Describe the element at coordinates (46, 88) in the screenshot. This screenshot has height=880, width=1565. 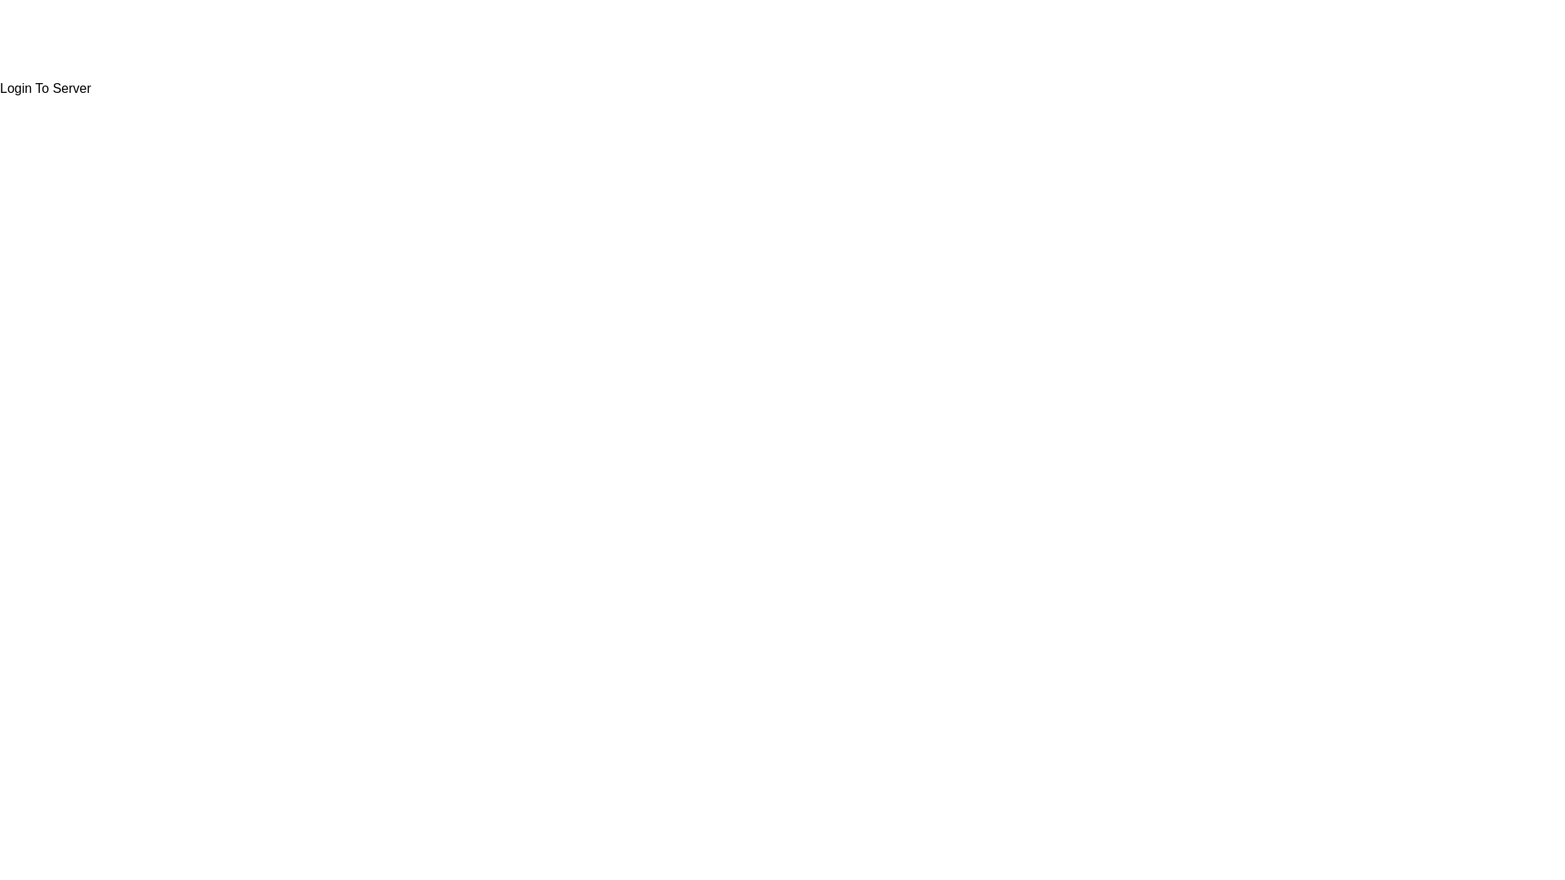
I see `'Login To Server'` at that location.